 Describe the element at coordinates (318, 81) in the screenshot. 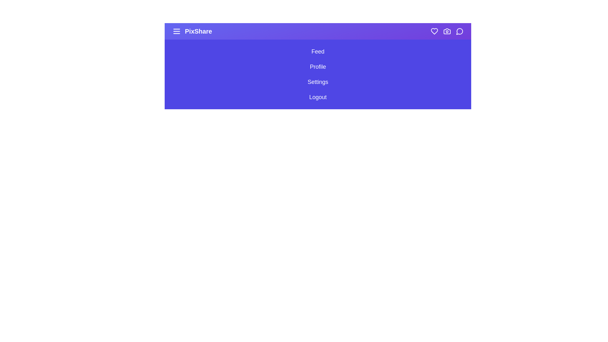

I see `the sidebar option Settings to observe its hover effect` at that location.